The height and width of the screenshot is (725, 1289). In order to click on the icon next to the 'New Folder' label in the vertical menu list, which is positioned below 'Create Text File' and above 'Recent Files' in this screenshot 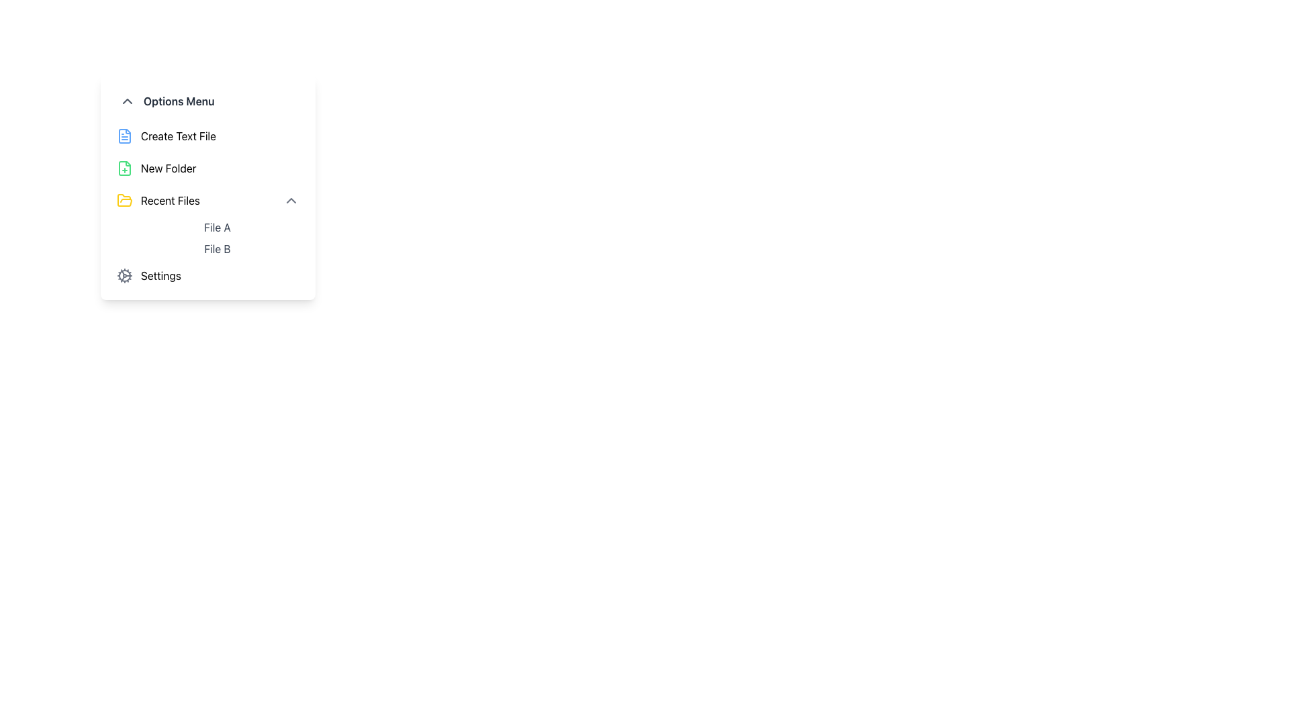, I will do `click(125, 167)`.